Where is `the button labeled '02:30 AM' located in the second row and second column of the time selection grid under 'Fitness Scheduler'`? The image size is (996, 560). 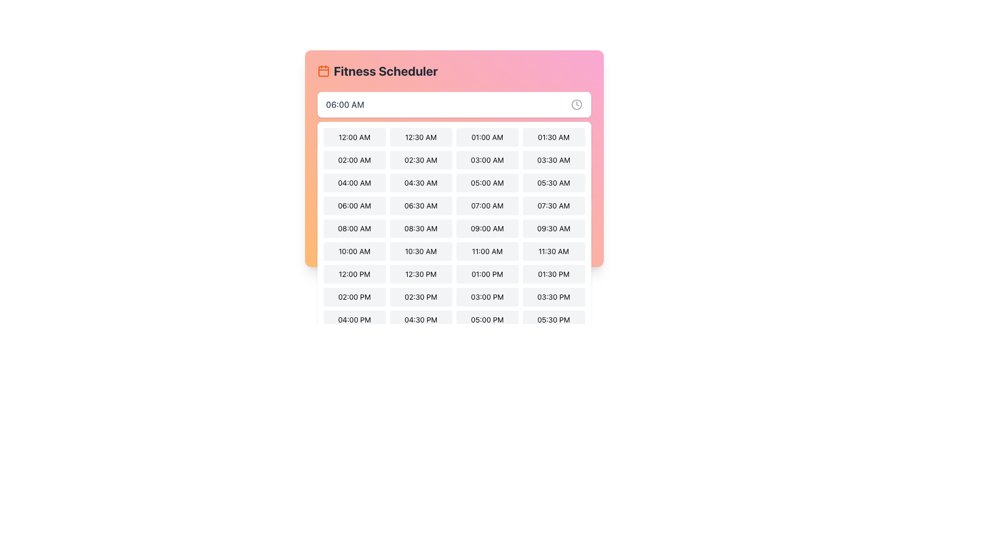
the button labeled '02:30 AM' located in the second row and second column of the time selection grid under 'Fitness Scheduler' is located at coordinates (454, 158).